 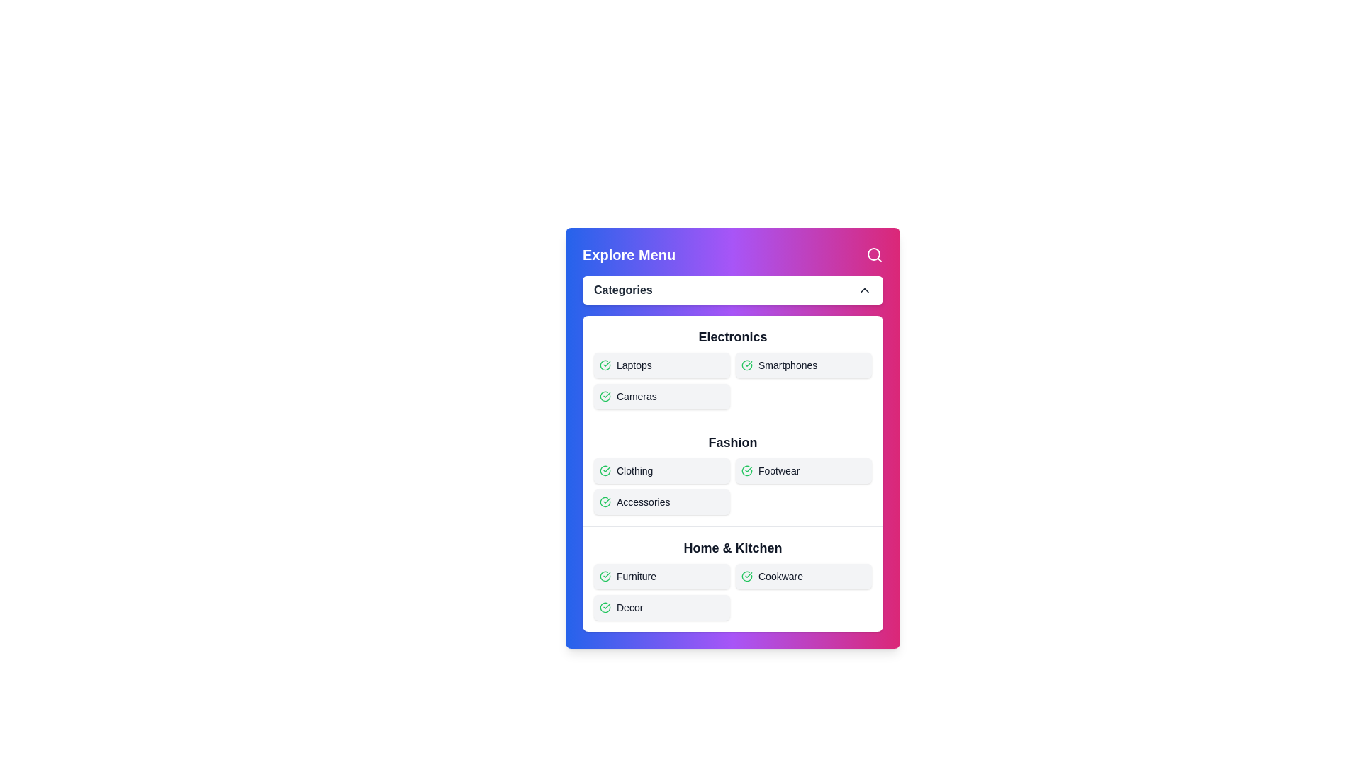 What do you see at coordinates (605, 576) in the screenshot?
I see `the circular green icon with a check mark, located next to the text 'Furniture' in the 'Home & Kitchen' section` at bounding box center [605, 576].